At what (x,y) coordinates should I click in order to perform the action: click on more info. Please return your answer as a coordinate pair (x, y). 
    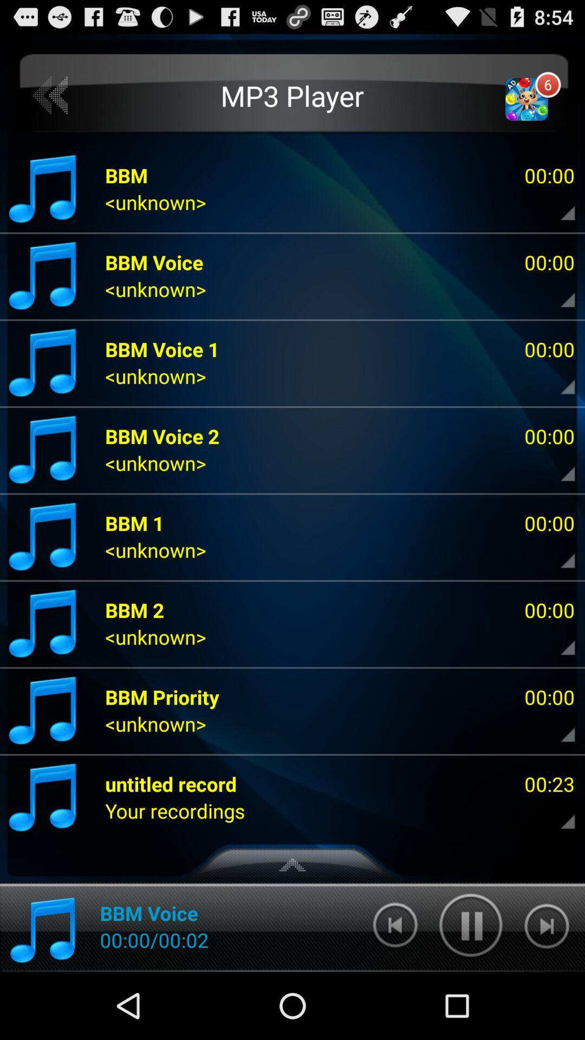
    Looking at the image, I should click on (558, 727).